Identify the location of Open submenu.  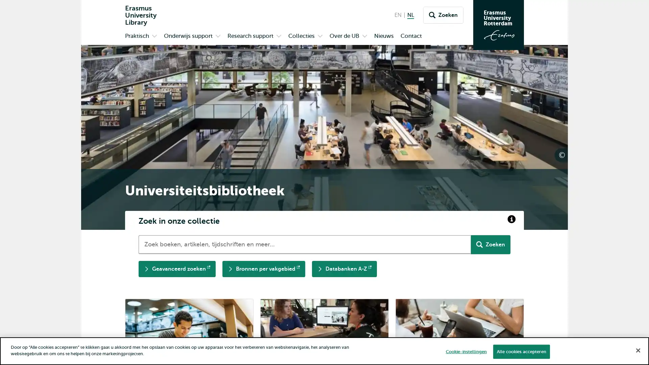
(279, 36).